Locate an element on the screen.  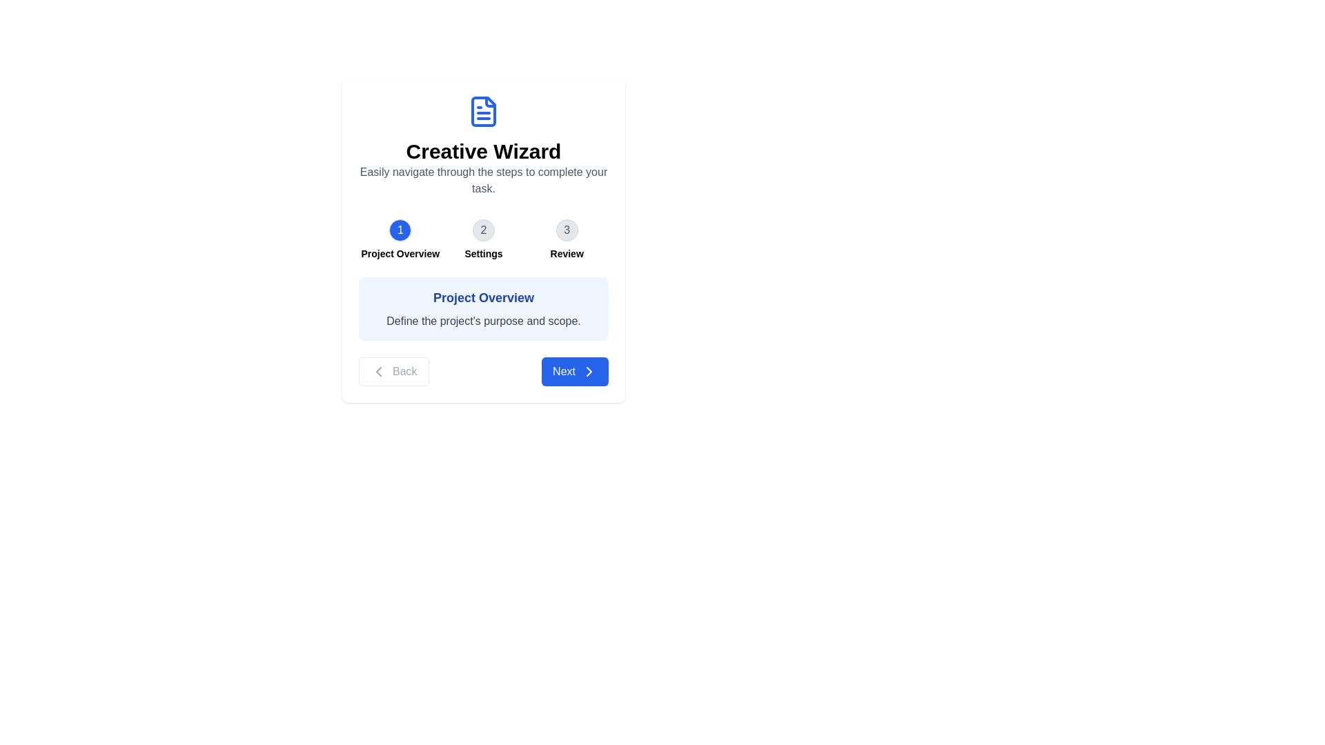
the chevron icon located in the lower-left corner of the 'Creative Wizard' card component, which is part of the 'Back' button is located at coordinates (378, 371).